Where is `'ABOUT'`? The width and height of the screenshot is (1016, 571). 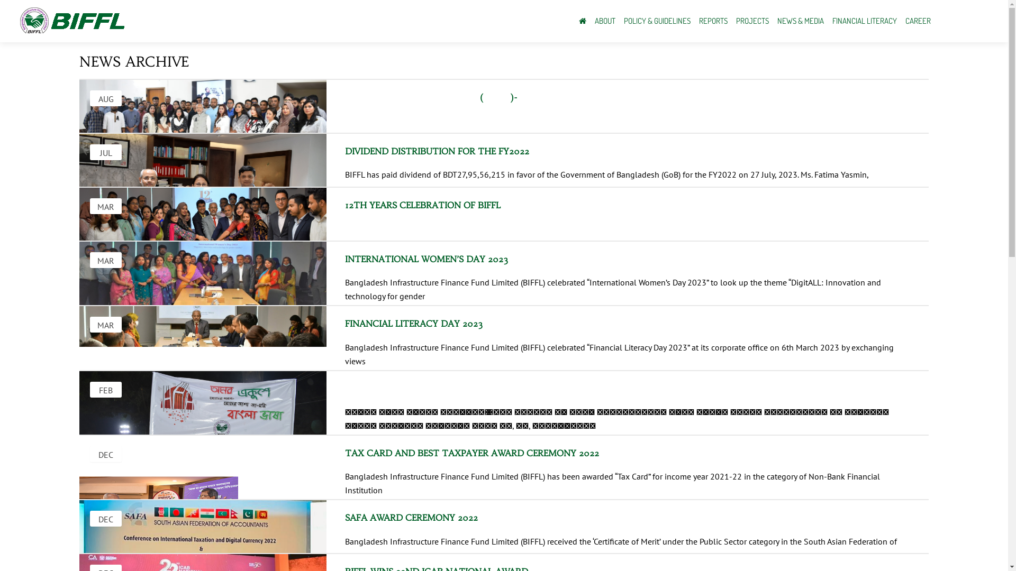
'ABOUT' is located at coordinates (605, 21).